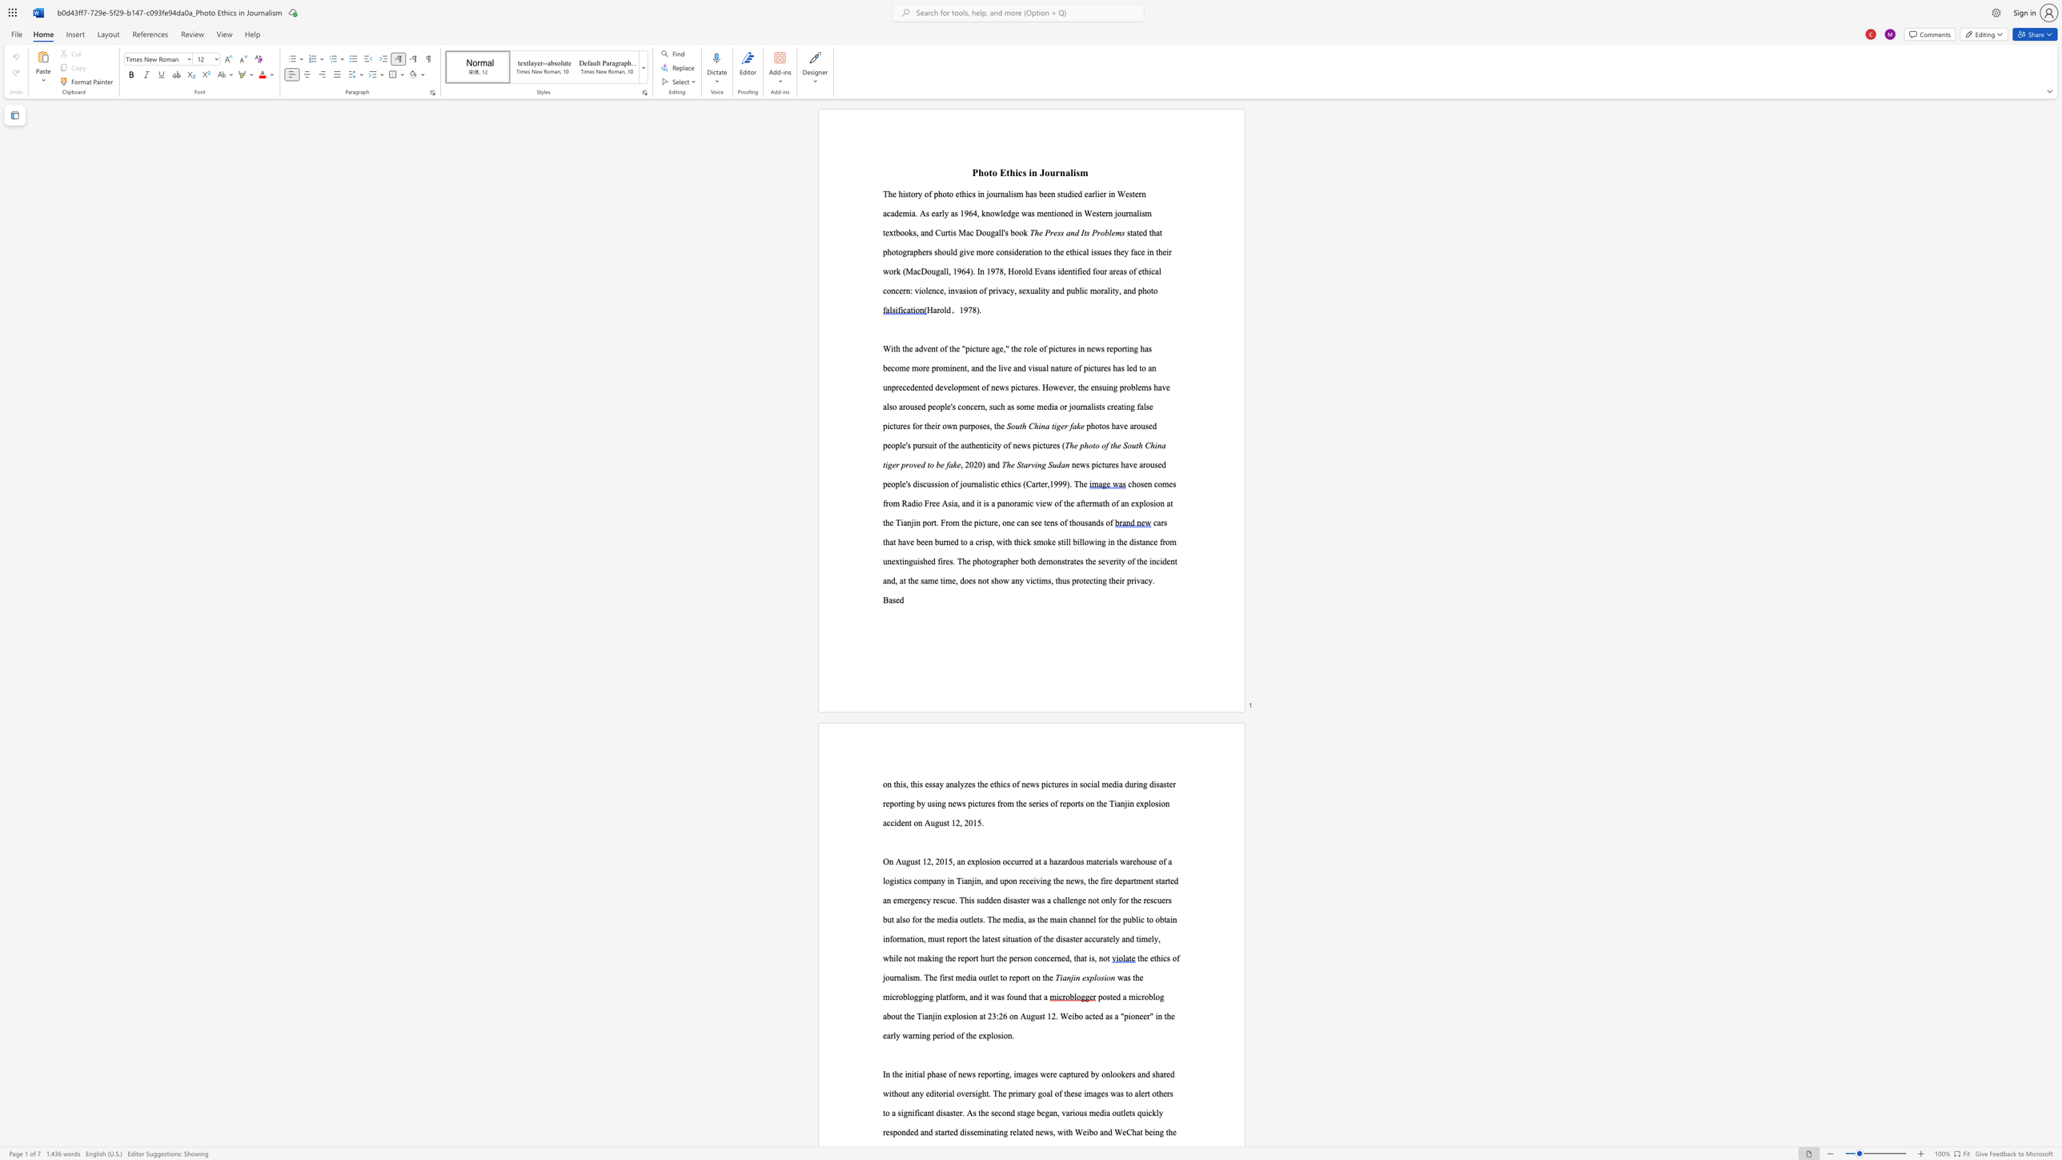 The image size is (2062, 1160). I want to click on the 1th character "o" in the text, so click(986, 172).